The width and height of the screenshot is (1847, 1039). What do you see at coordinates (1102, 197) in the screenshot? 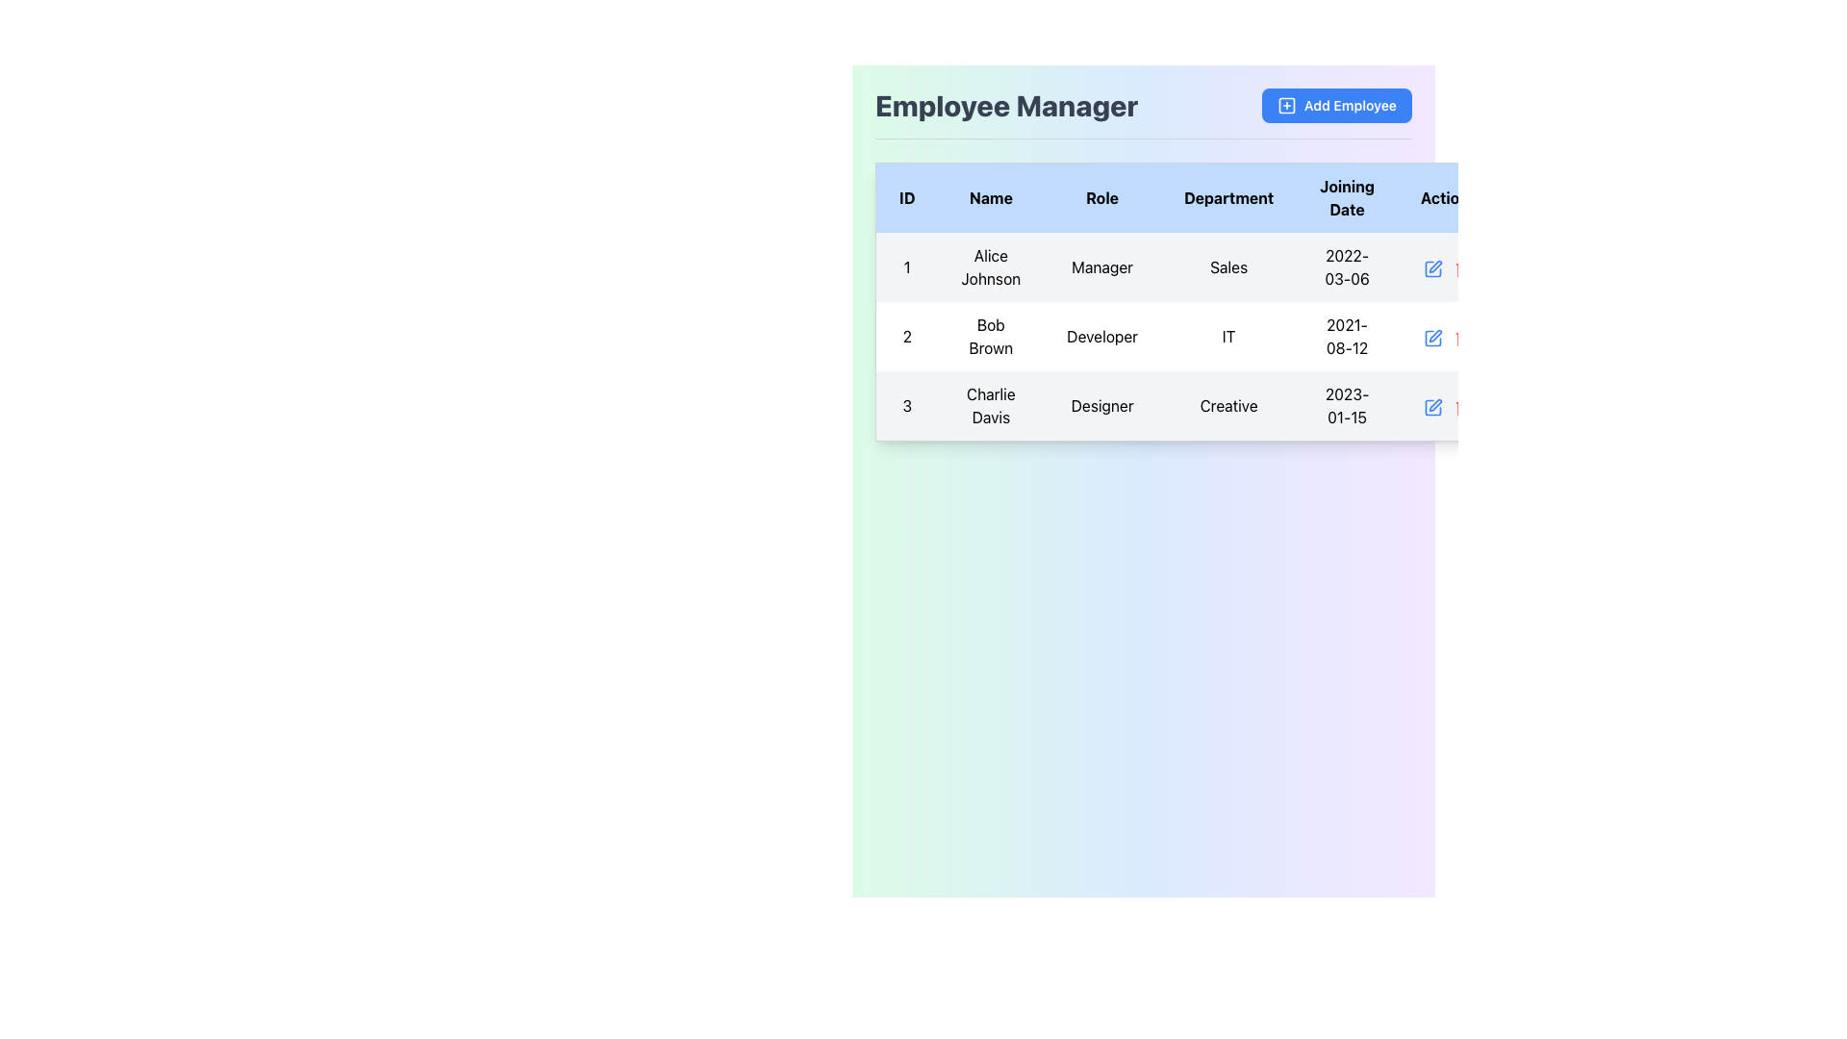
I see `text from the 'Role' column header in the table, which is the third header labeled with bold black text on a light blue background` at bounding box center [1102, 197].